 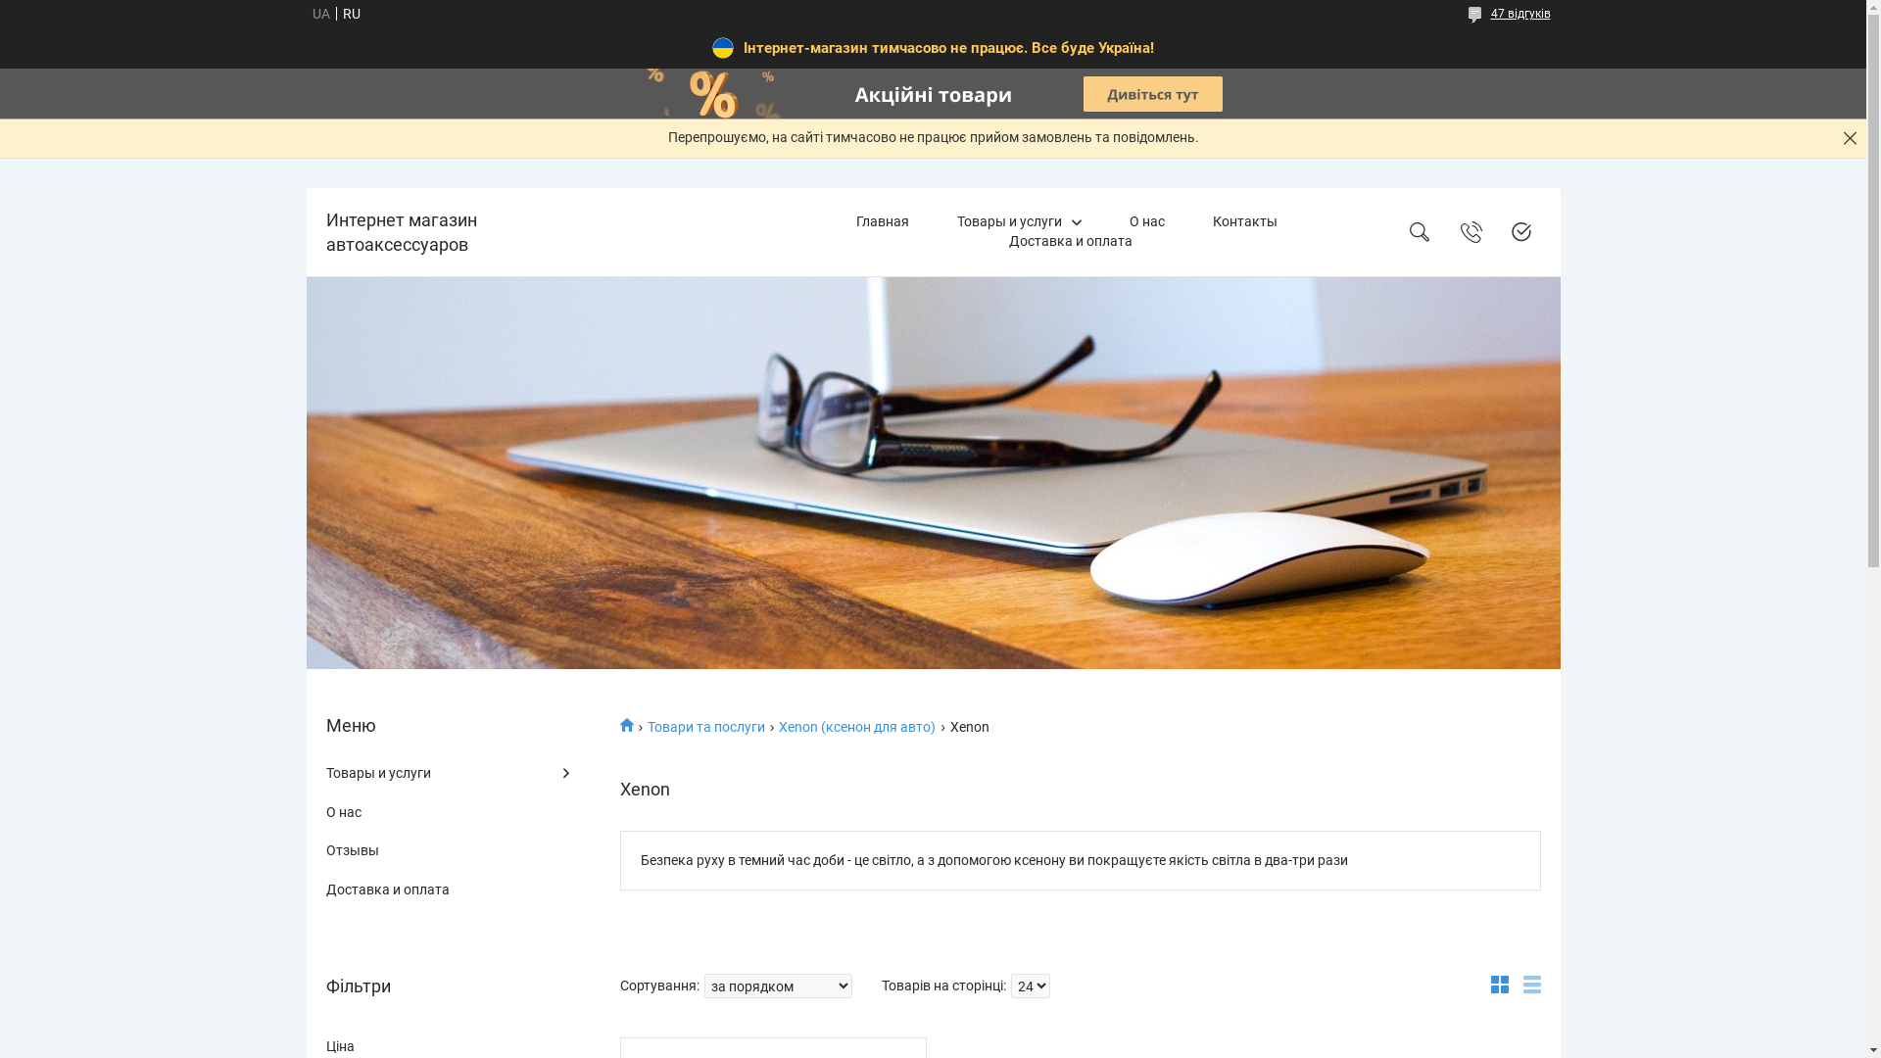 What do you see at coordinates (319, 14) in the screenshot?
I see `'UA'` at bounding box center [319, 14].